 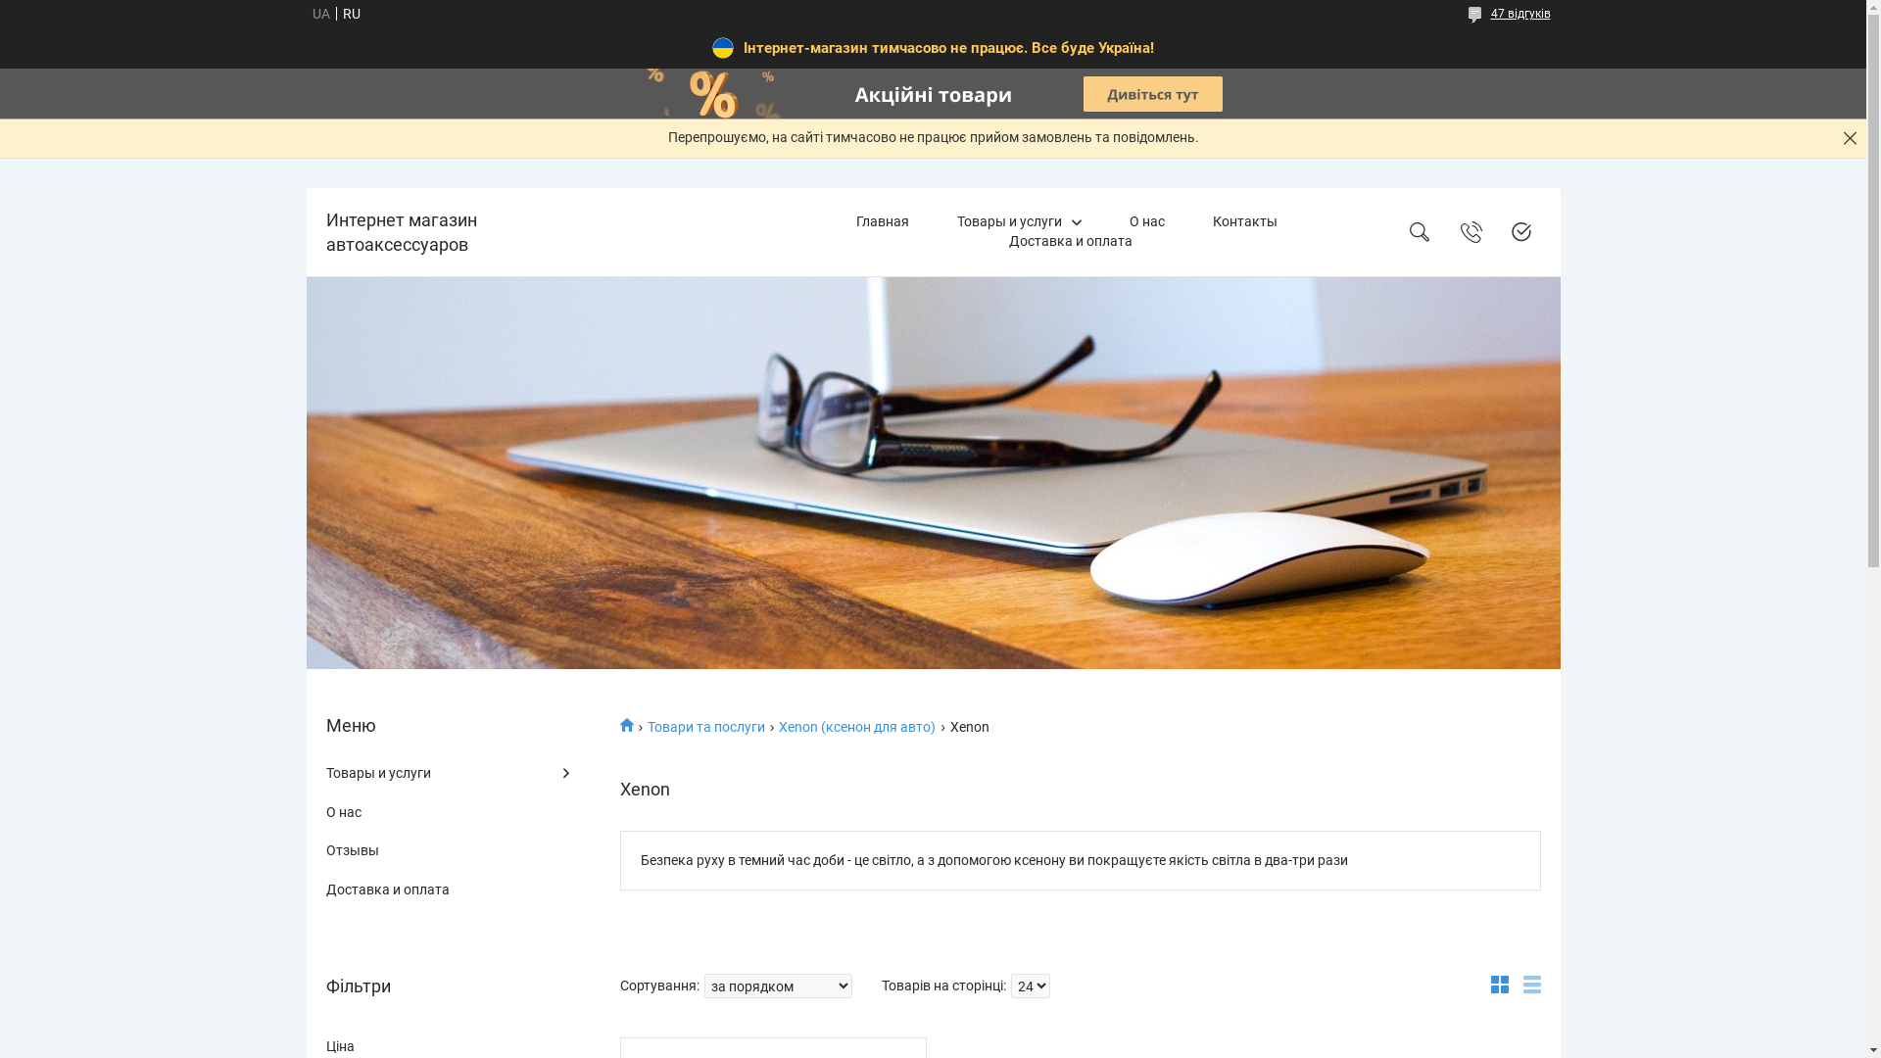 What do you see at coordinates (319, 14) in the screenshot?
I see `'UA'` at bounding box center [319, 14].